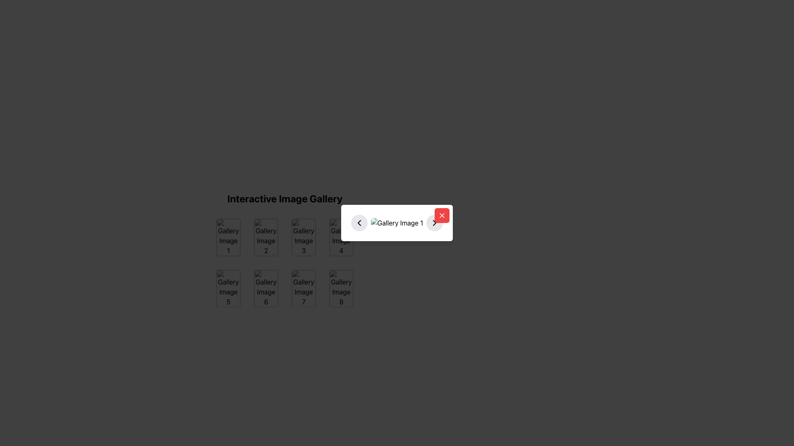 This screenshot has width=794, height=446. I want to click on the image thumbnail labeled 'Gallery Image 5', so click(228, 288).